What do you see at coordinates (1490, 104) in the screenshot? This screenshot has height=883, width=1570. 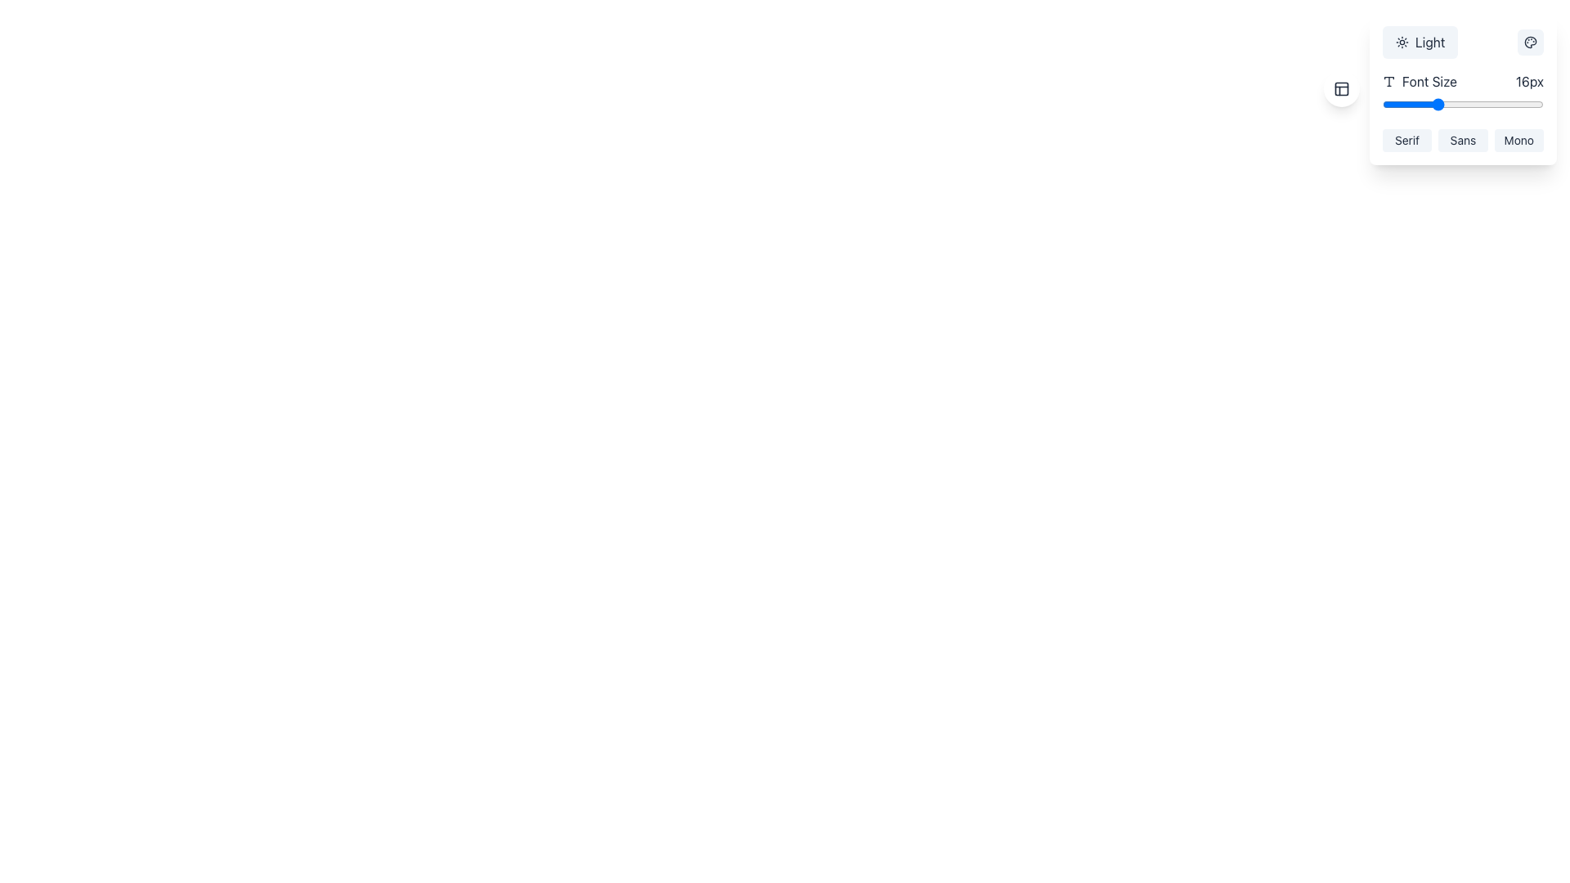 I see `the font size` at bounding box center [1490, 104].